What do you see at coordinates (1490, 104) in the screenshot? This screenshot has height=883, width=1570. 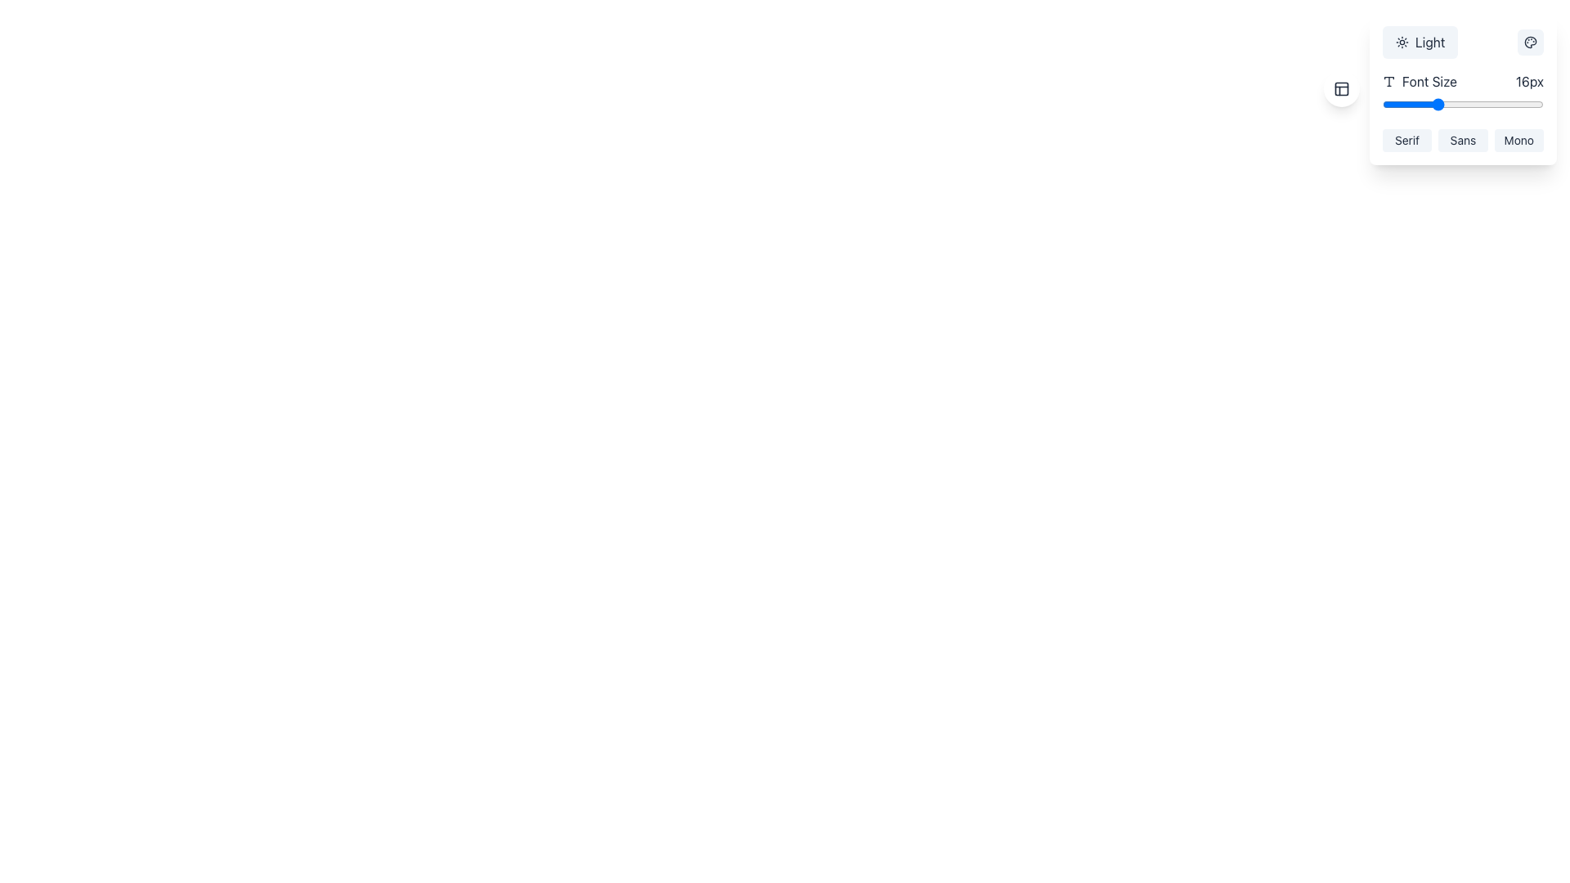 I see `the font size` at bounding box center [1490, 104].